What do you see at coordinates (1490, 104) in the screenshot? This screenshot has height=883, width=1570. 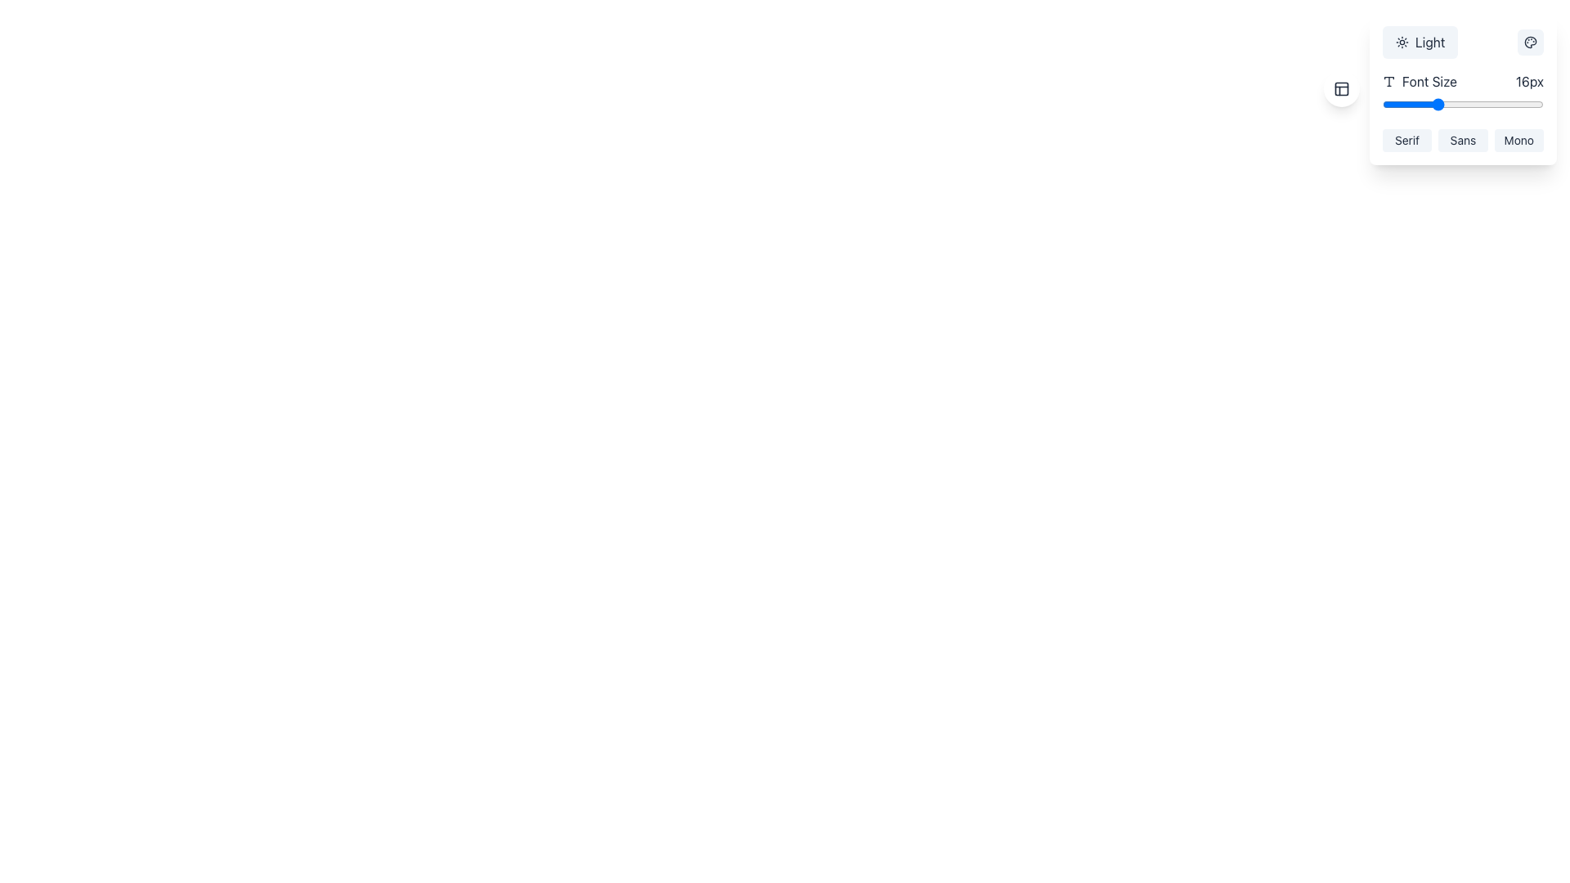 I see `the font size` at bounding box center [1490, 104].